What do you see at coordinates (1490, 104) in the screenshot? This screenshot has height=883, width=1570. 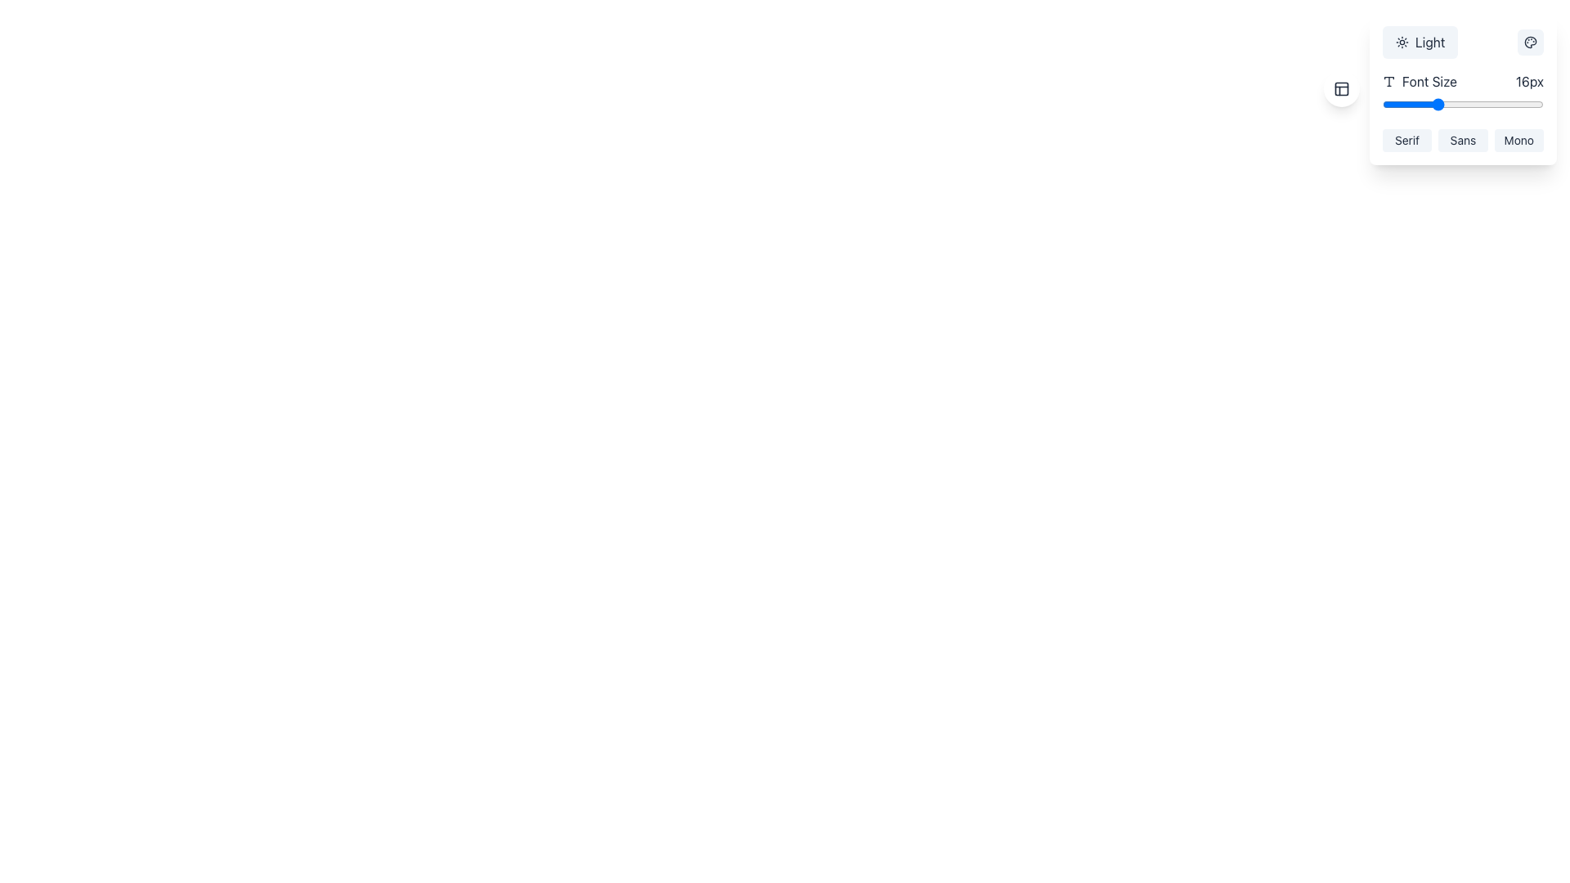 I see `the font size` at bounding box center [1490, 104].